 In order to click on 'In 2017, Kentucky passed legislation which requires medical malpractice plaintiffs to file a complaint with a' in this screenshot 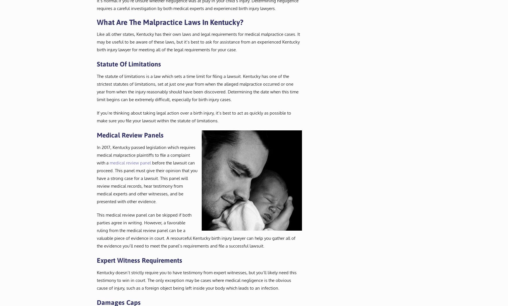, I will do `click(97, 154)`.